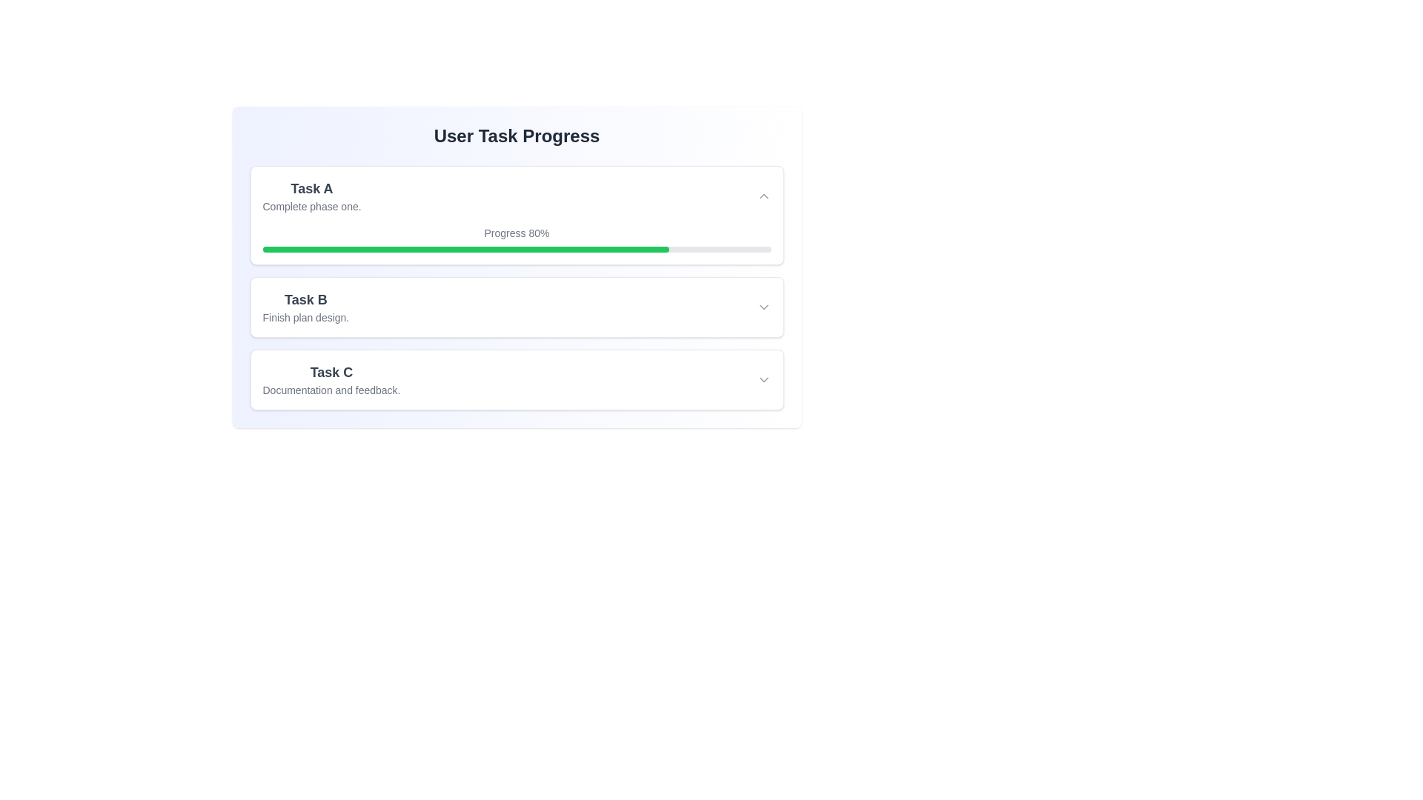  Describe the element at coordinates (763, 307) in the screenshot. I see `the dropdown toggle button located at the far-right side of the task card labeled 'Task B'` at that location.